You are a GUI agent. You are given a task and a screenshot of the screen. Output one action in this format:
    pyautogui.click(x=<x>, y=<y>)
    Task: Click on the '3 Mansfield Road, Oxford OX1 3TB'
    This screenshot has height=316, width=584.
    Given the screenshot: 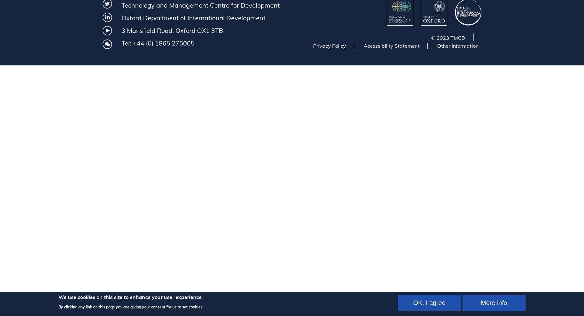 What is the action you would take?
    pyautogui.click(x=172, y=30)
    